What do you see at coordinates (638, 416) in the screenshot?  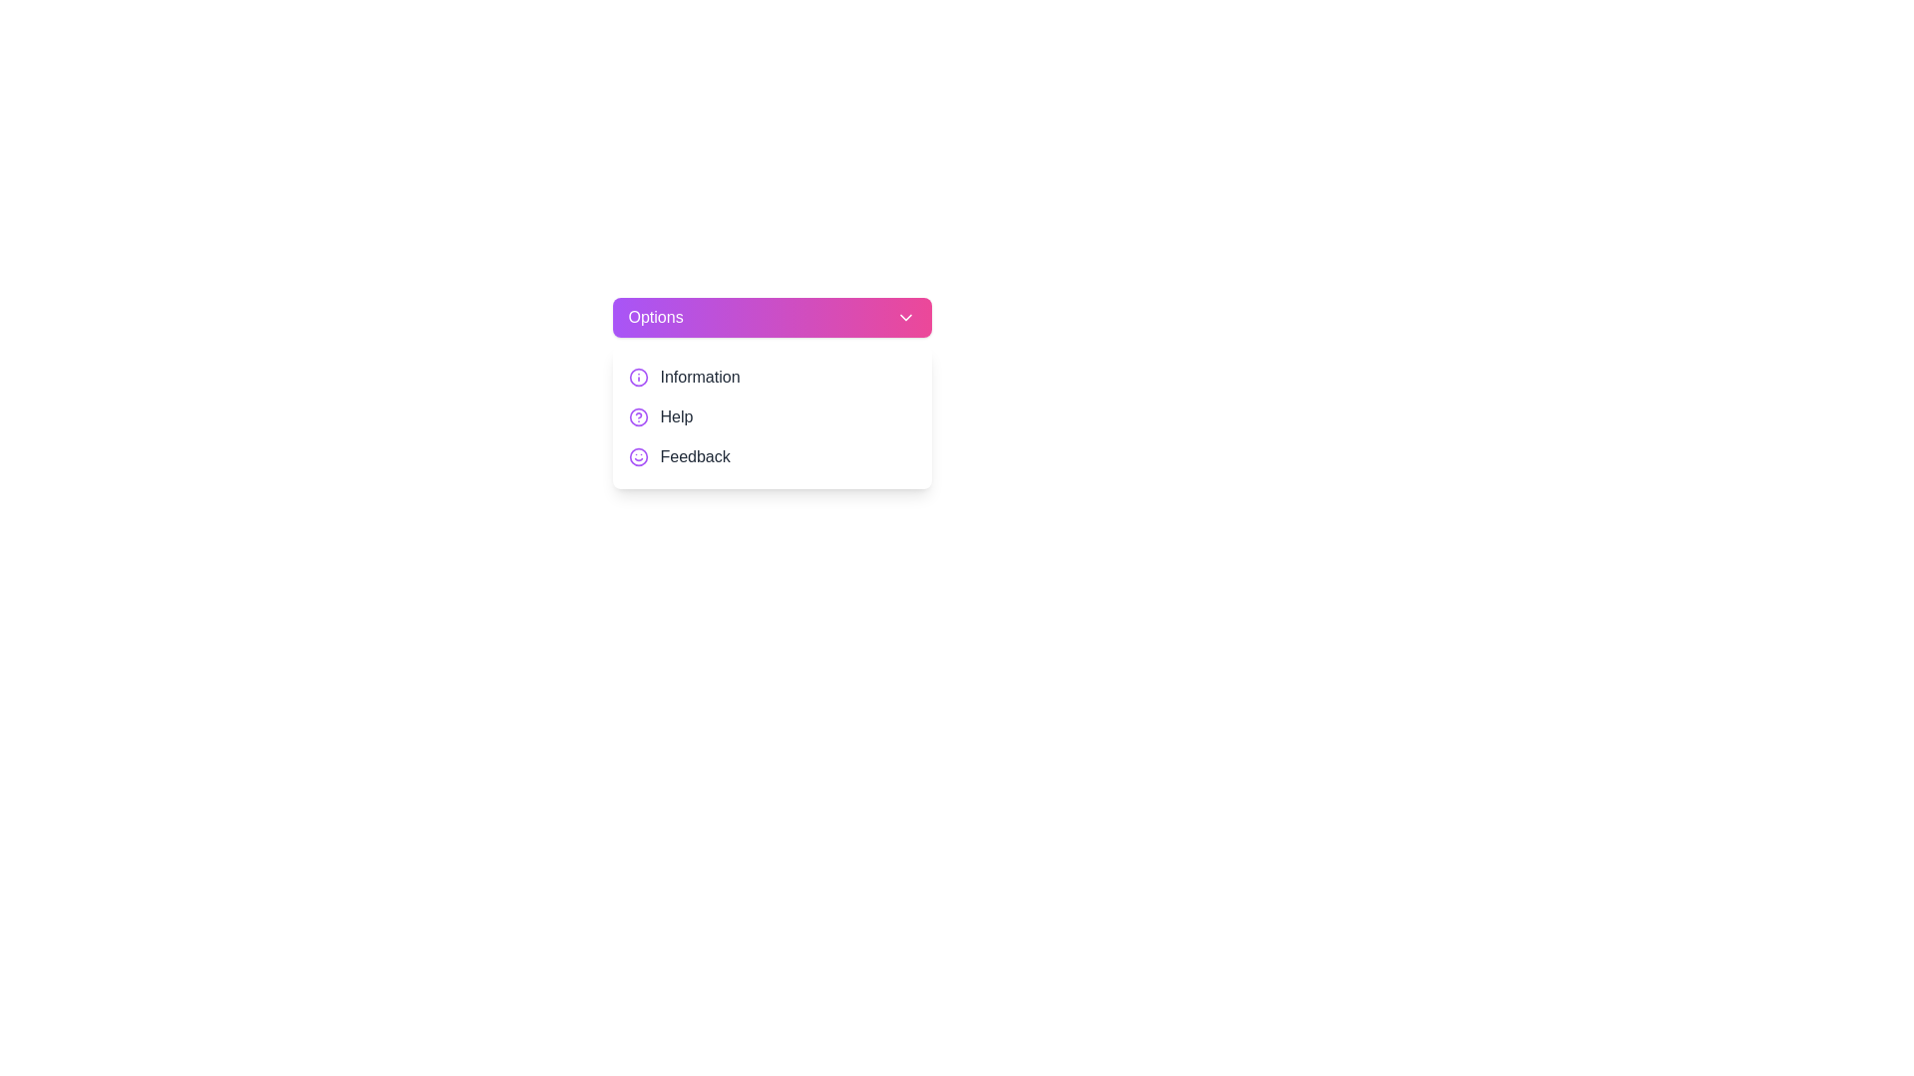 I see `the circular help icon with a question mark inside, which has a purple border and is located in the second row of the dropdown menu next to the 'Help' text` at bounding box center [638, 416].